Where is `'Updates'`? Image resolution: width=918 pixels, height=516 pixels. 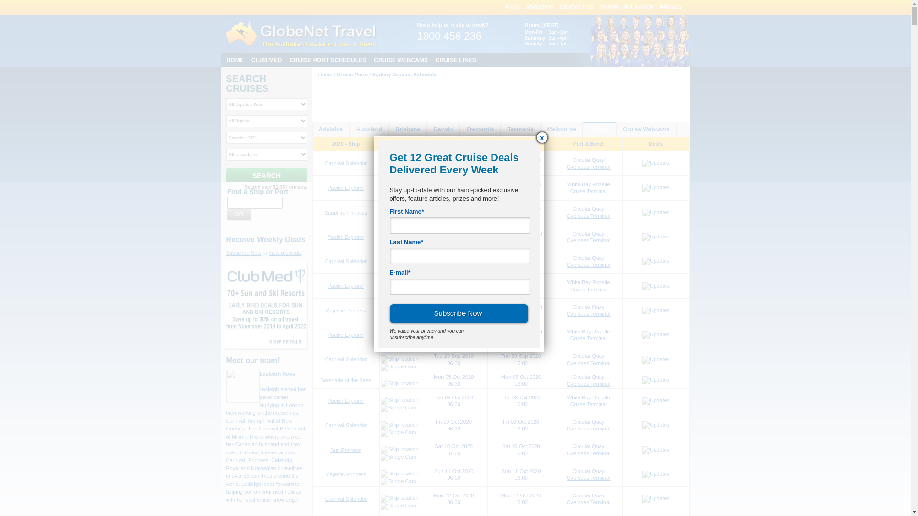
'Updates' is located at coordinates (655, 261).